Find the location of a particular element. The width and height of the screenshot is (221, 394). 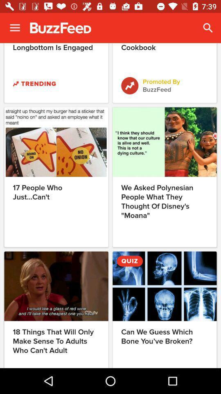

item to the right of the god damnit neville is located at coordinates (208, 28).